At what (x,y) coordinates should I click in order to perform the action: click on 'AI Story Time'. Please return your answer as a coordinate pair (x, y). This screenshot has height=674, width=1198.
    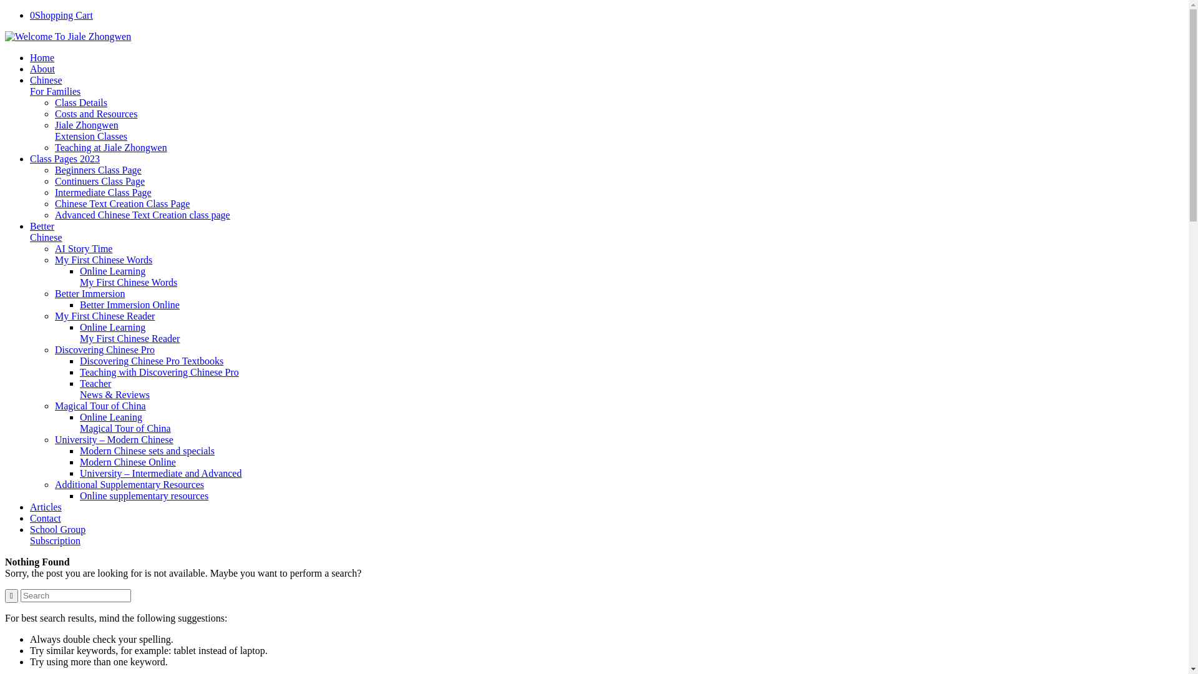
    Looking at the image, I should click on (83, 248).